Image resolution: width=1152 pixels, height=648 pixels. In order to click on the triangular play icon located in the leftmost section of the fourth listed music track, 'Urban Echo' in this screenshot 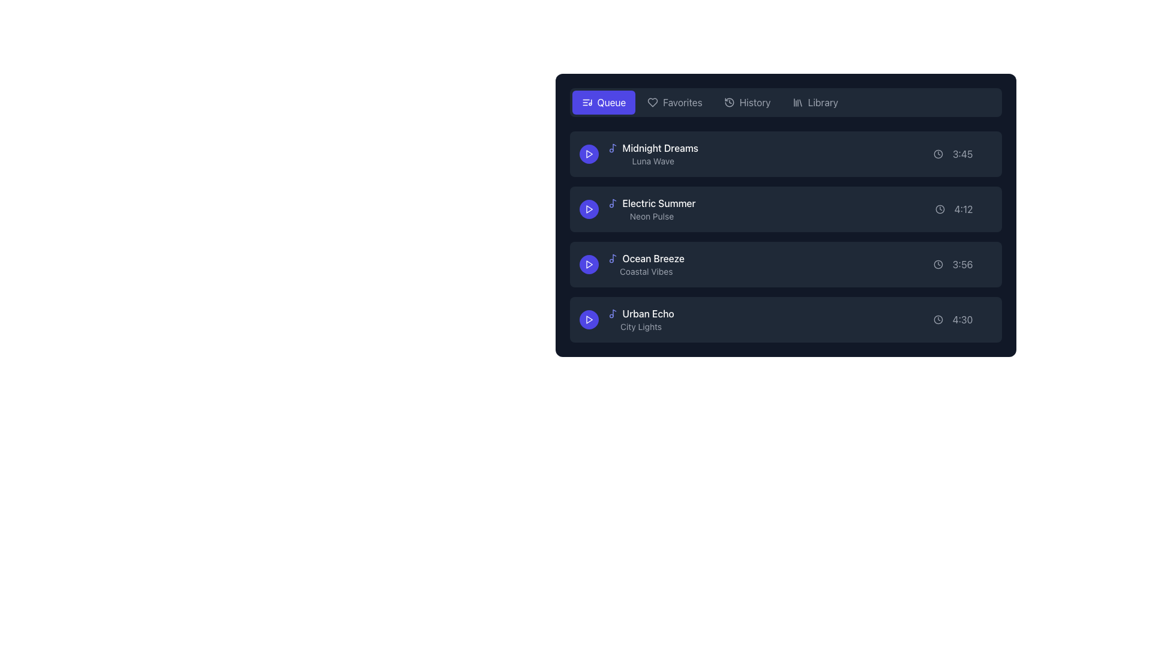, I will do `click(589, 319)`.